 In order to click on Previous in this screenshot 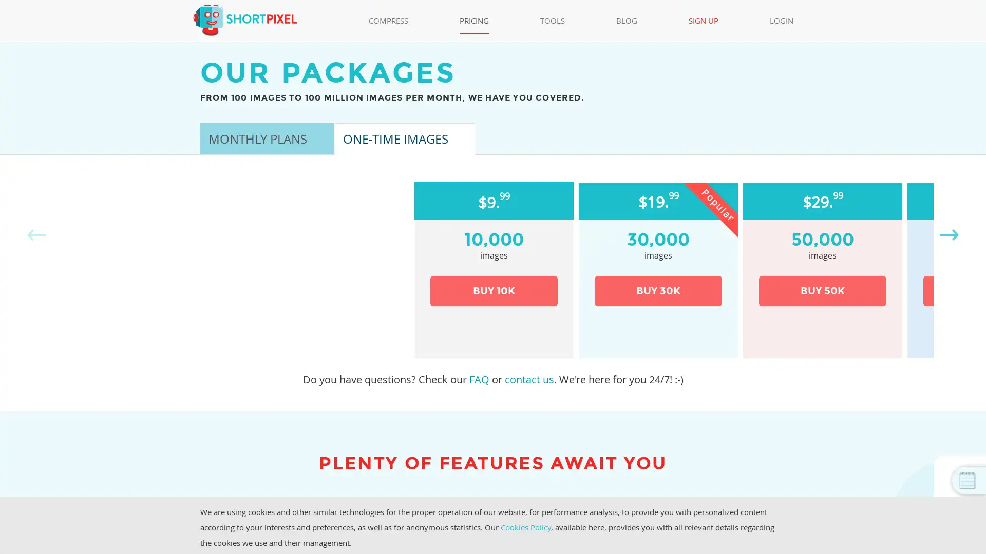, I will do `click(37, 234)`.